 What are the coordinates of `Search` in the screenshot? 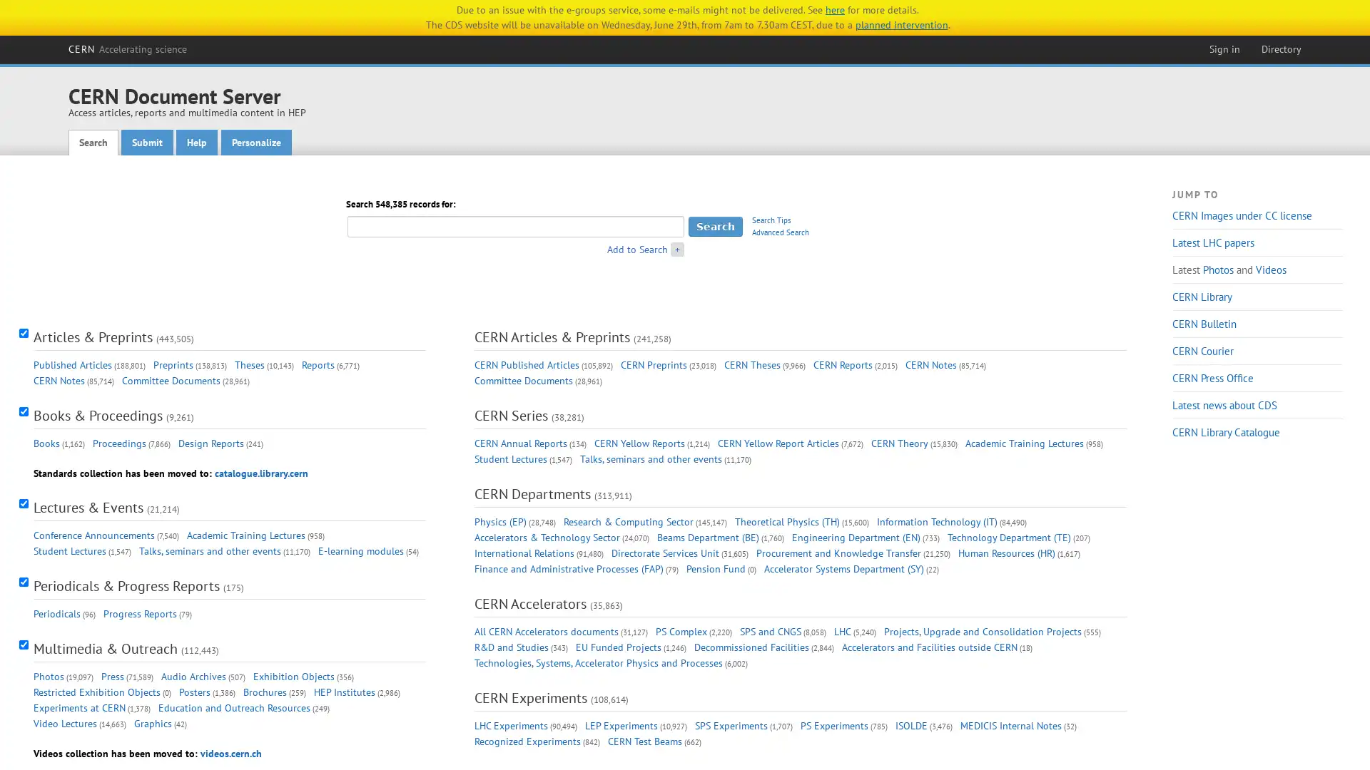 It's located at (715, 225).